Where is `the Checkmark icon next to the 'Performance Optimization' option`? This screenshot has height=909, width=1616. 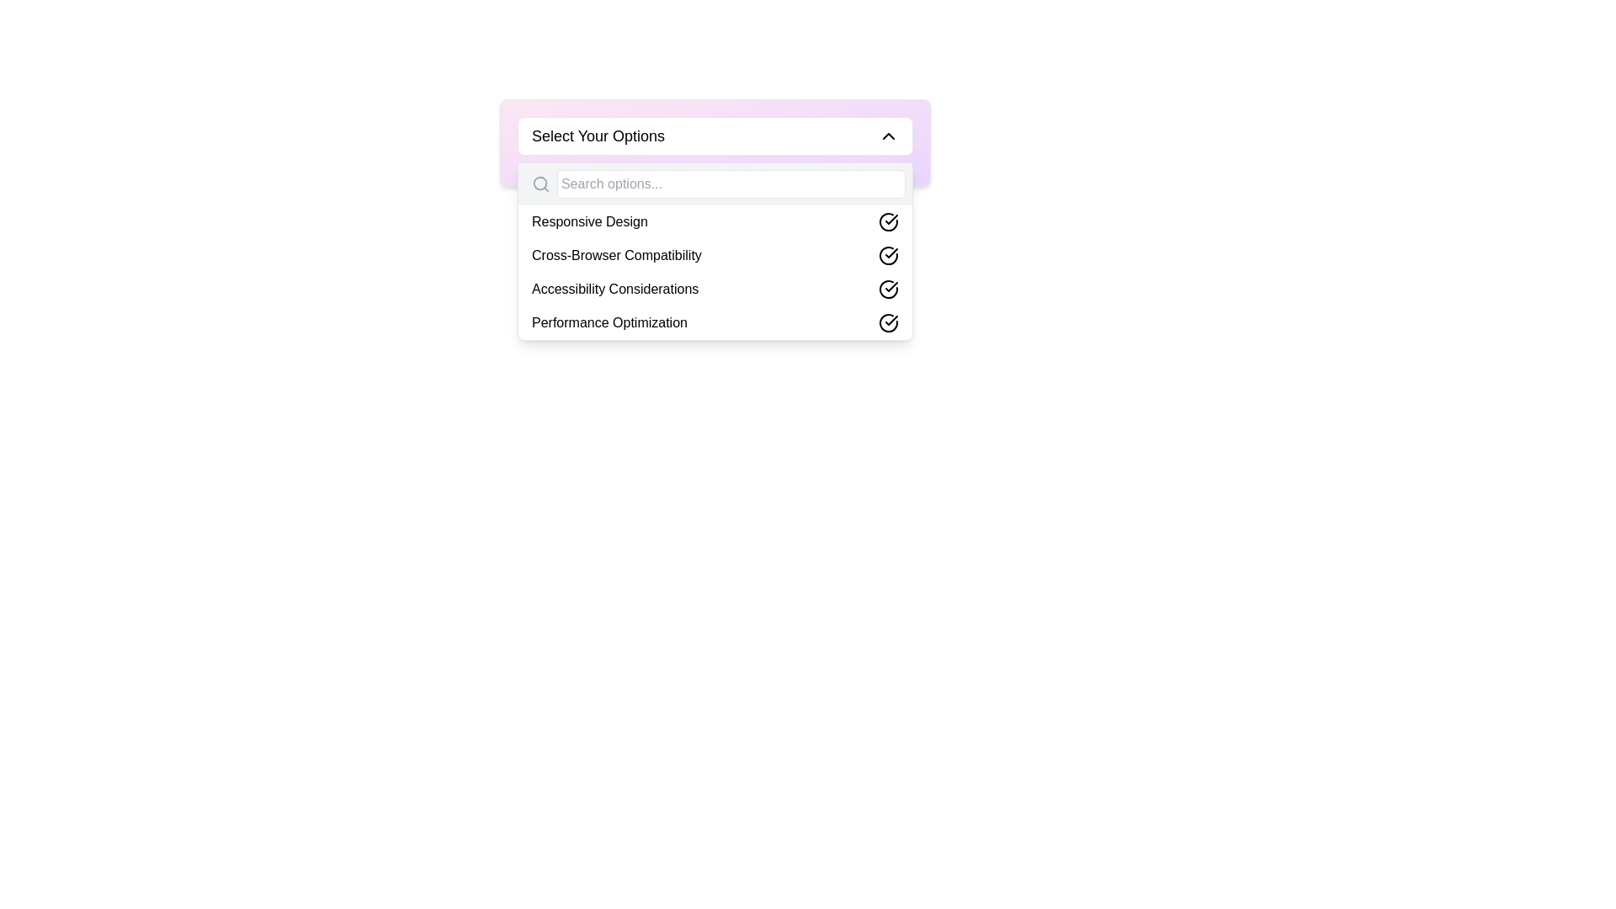 the Checkmark icon next to the 'Performance Optimization' option is located at coordinates (888, 323).